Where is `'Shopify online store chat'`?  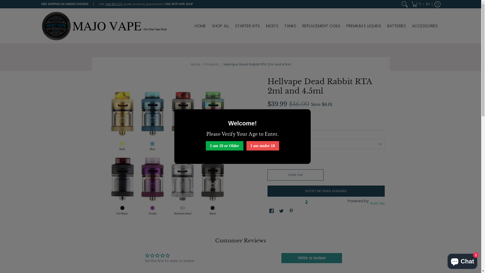 'Shopify online store chat' is located at coordinates (462, 260).